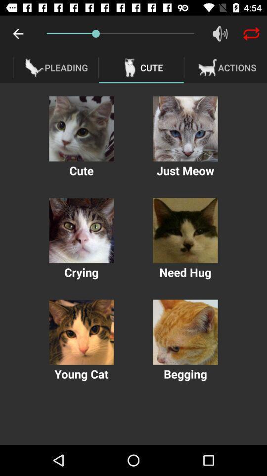  Describe the element at coordinates (185, 332) in the screenshot. I see `option` at that location.